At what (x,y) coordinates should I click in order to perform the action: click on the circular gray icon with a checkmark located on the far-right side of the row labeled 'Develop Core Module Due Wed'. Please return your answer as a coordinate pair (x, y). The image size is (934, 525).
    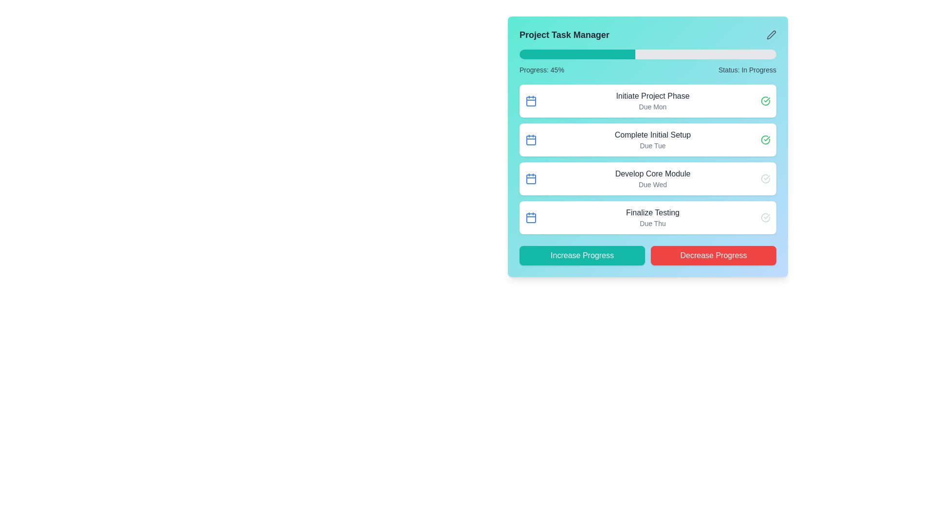
    Looking at the image, I should click on (765, 178).